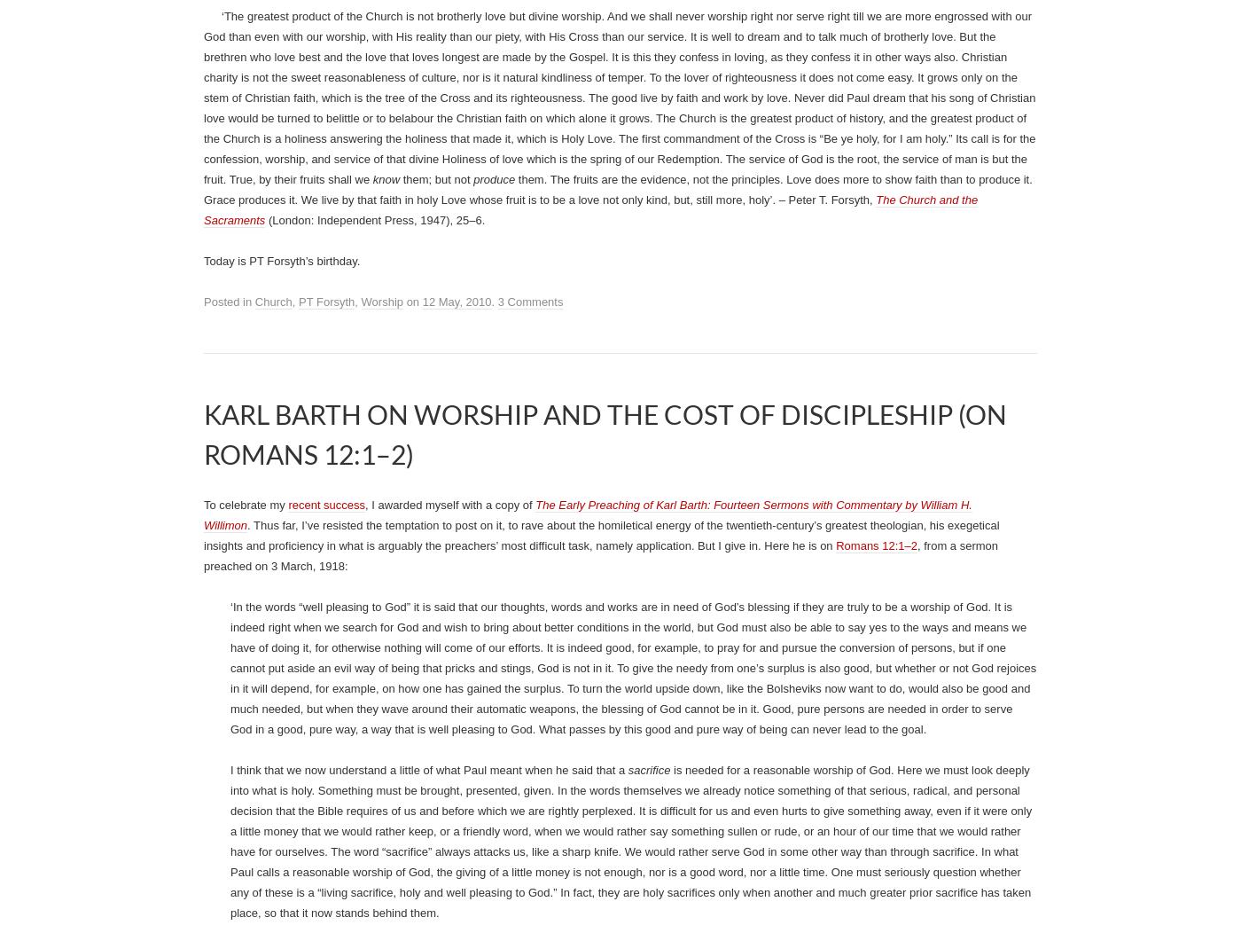 The image size is (1241, 933). What do you see at coordinates (993, 10) in the screenshot?
I see `'].'` at bounding box center [993, 10].